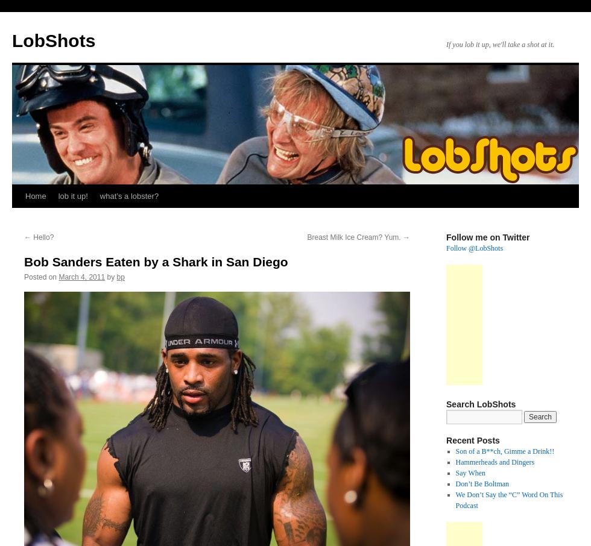  Describe the element at coordinates (355, 237) in the screenshot. I see `'Breast Milk Ice Cream? Yum.'` at that location.